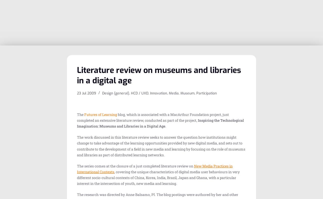  I want to click on 'Educational services', so click(198, 65).